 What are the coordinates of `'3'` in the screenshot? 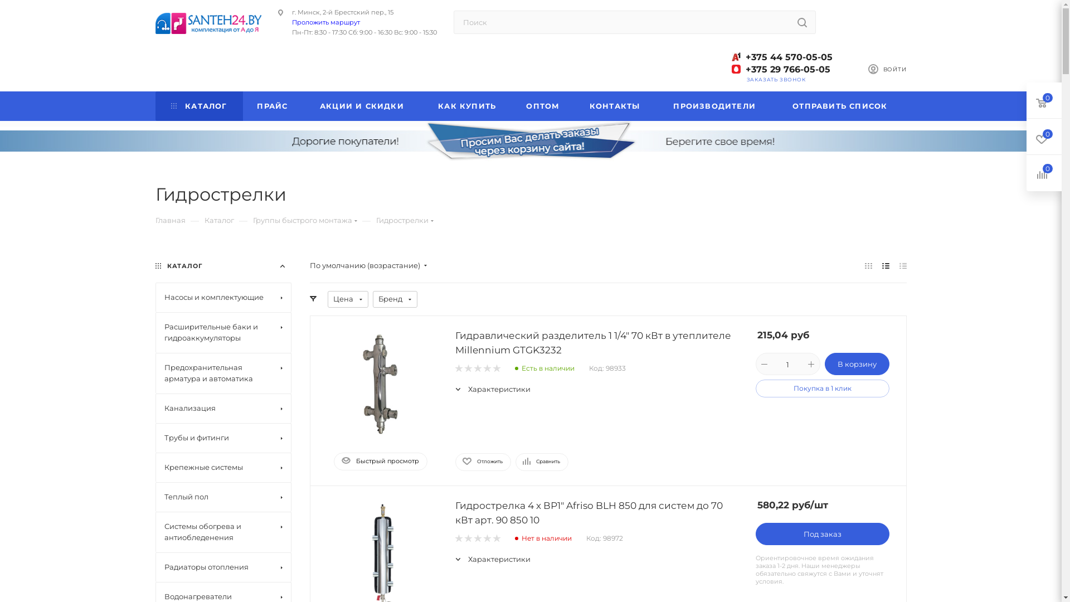 It's located at (477, 538).